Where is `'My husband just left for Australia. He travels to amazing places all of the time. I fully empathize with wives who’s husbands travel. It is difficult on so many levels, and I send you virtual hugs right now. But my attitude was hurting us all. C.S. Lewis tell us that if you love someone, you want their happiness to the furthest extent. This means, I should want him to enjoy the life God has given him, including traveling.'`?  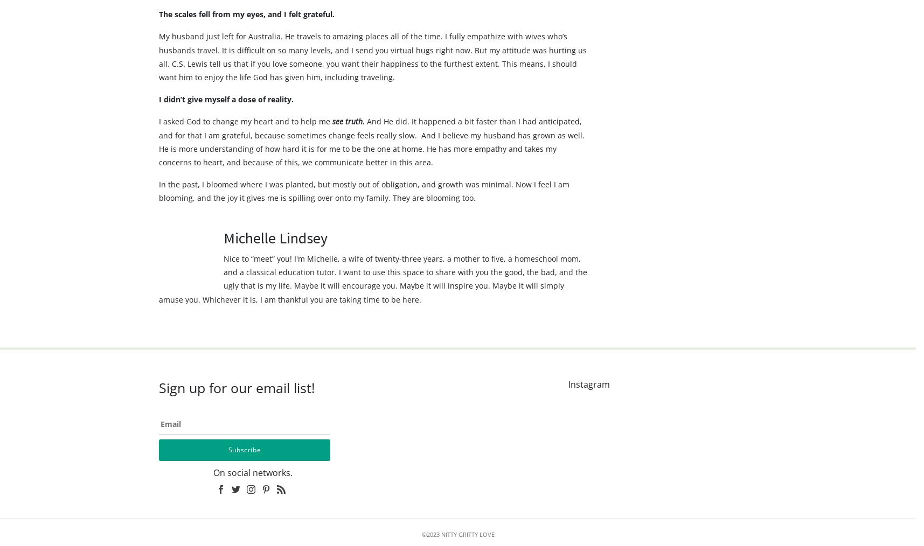 'My husband just left for Australia. He travels to amazing places all of the time. I fully empathize with wives who’s husbands travel. It is difficult on so many levels, and I send you virtual hugs right now. But my attitude was hurting us all. C.S. Lewis tell us that if you love someone, you want their happiness to the furthest extent. This means, I should want him to enjoy the life God has given him, including traveling.' is located at coordinates (158, 77).